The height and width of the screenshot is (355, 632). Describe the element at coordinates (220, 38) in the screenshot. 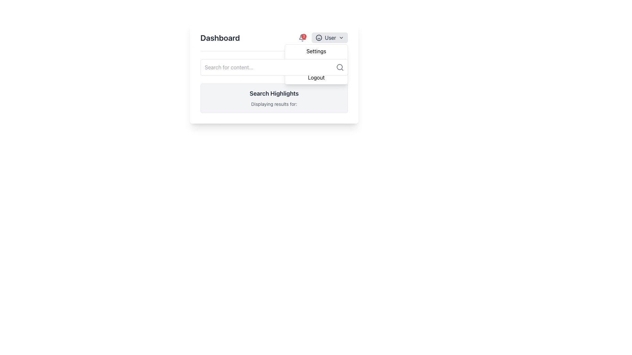

I see `text from the 'Dashboard' text label, which is prominently displayed in a large, bold, dark gray font in the top-left section of the header` at that location.